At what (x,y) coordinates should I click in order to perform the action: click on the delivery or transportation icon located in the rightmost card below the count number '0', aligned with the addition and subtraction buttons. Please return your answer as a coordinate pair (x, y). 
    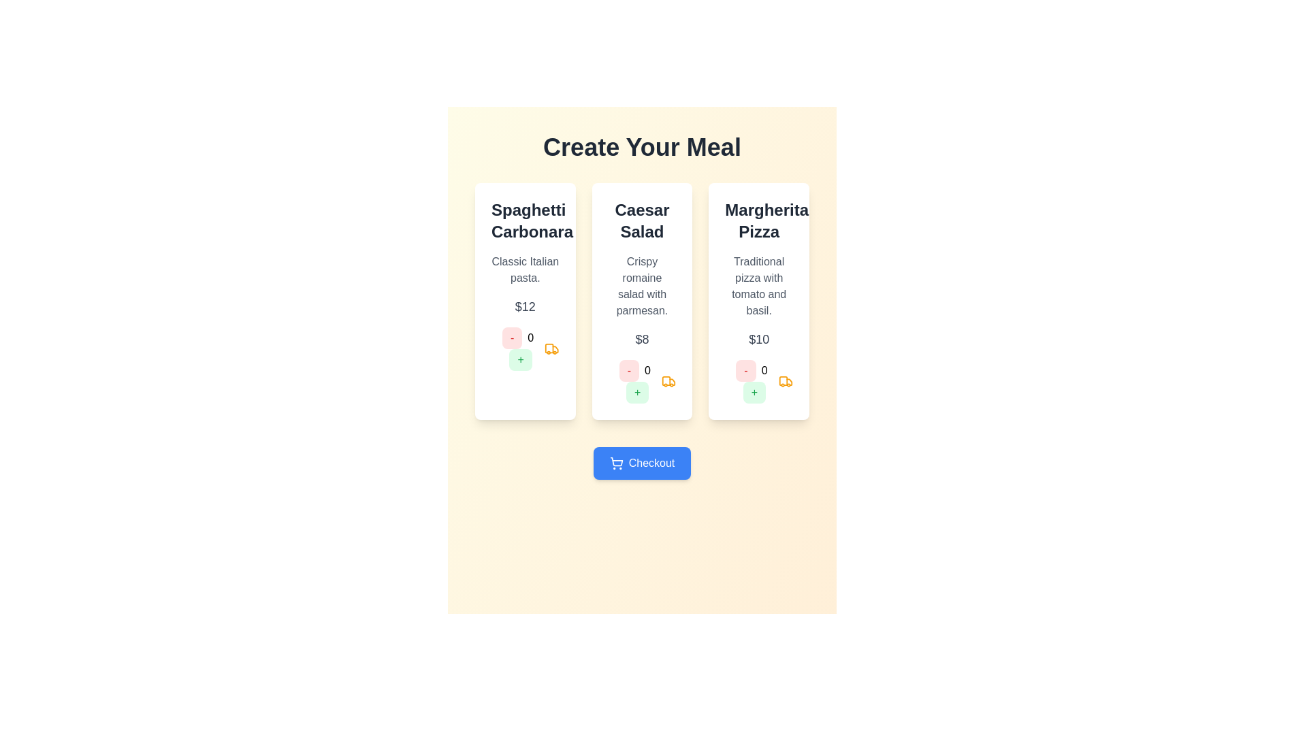
    Looking at the image, I should click on (786, 381).